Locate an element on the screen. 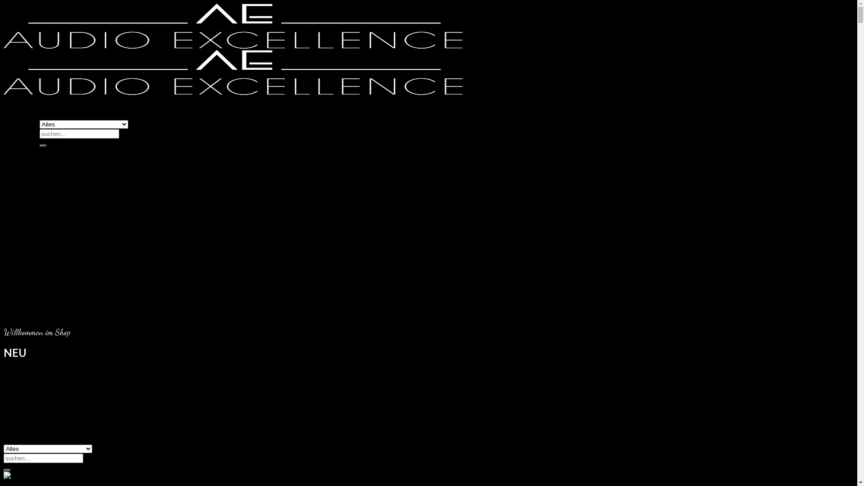  '0' is located at coordinates (23, 463).